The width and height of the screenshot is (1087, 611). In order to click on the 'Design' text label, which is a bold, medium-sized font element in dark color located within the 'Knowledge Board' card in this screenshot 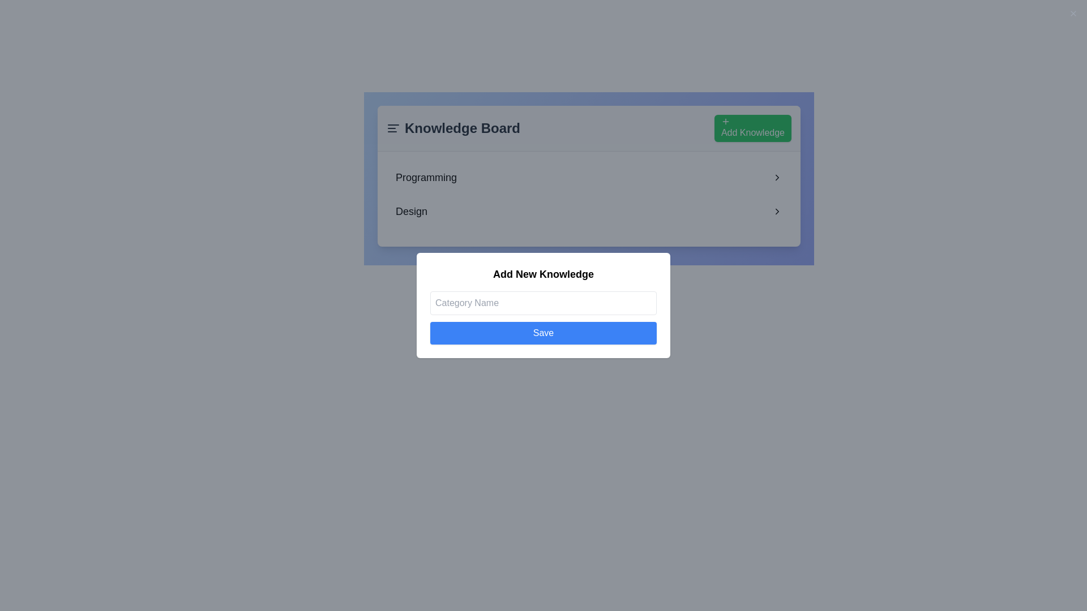, I will do `click(411, 212)`.